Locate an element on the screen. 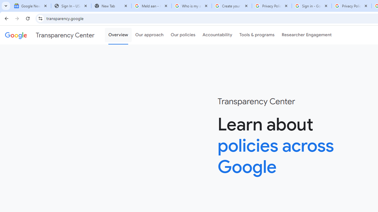  'Who is my administrator? - Google Account Help' is located at coordinates (191, 6).